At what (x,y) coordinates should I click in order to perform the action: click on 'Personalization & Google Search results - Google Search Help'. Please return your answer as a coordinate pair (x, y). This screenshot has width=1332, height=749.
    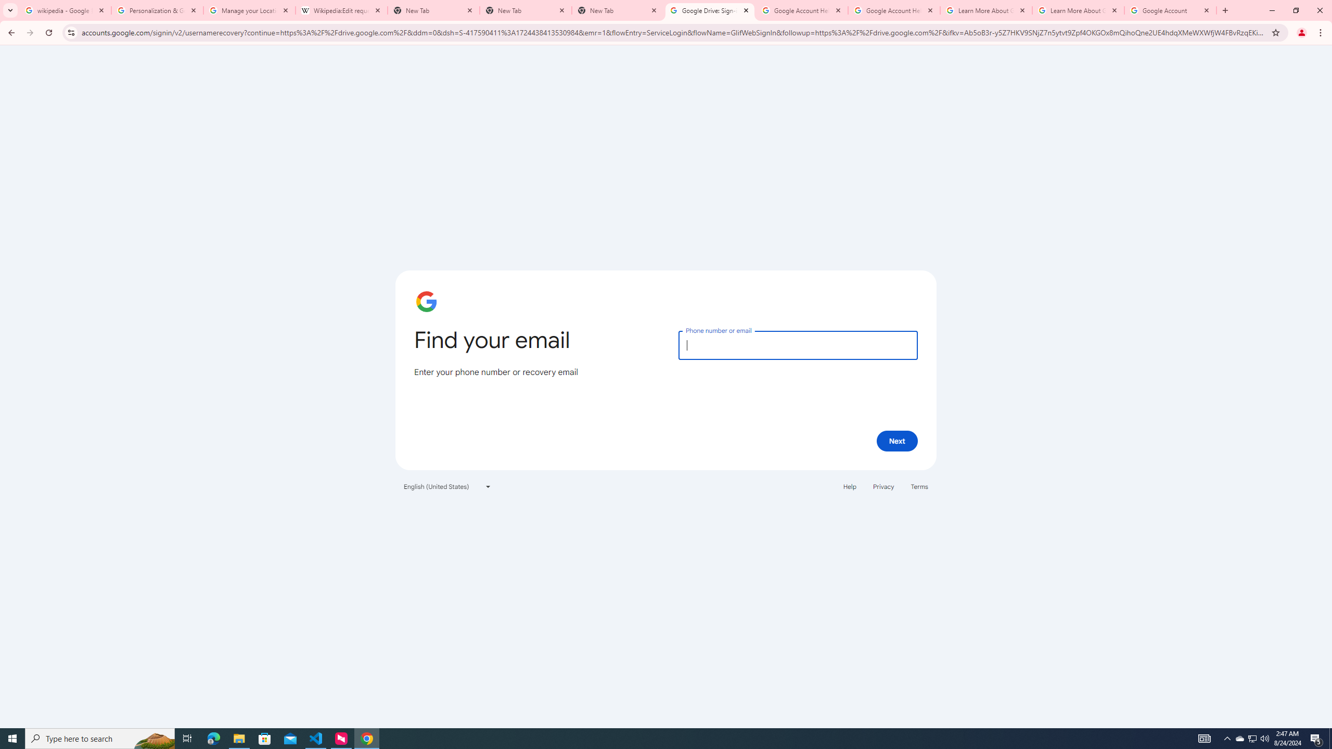
    Looking at the image, I should click on (157, 10).